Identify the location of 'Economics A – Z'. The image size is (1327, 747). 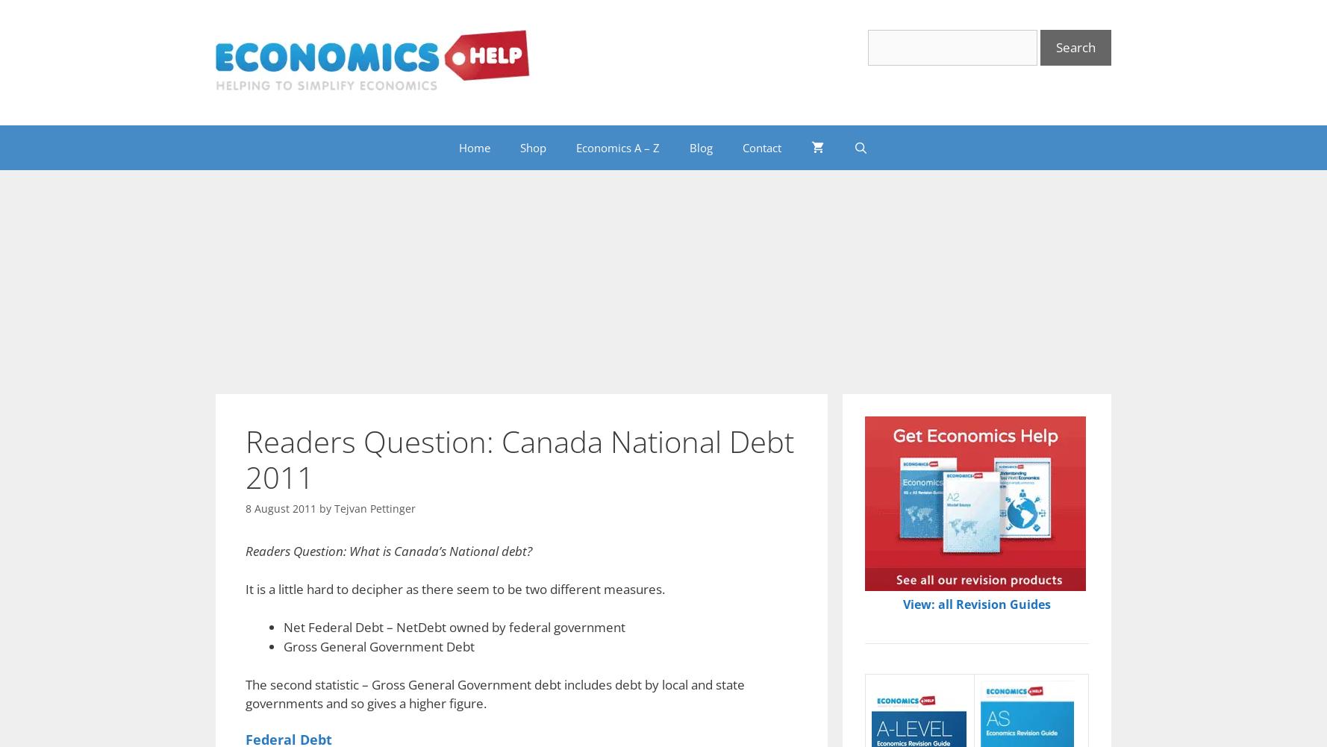
(575, 146).